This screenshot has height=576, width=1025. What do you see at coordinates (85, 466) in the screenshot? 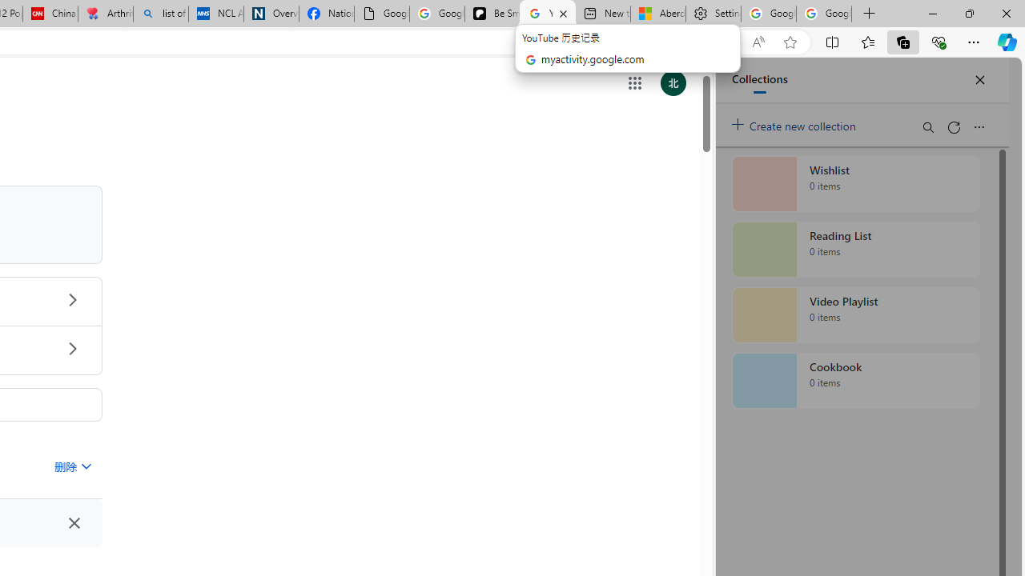
I see `'Class: asE2Ub NMm5M'` at bounding box center [85, 466].